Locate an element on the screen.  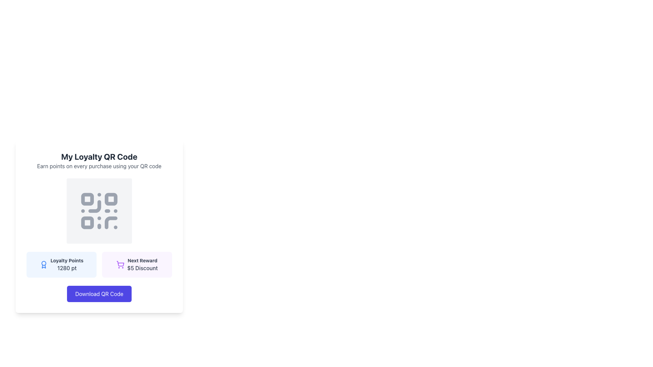
the shopping cart icon, which is positioned to the left of the 'Next Reward $5 Discount' text within the 'Next Reward' card component is located at coordinates (120, 264).